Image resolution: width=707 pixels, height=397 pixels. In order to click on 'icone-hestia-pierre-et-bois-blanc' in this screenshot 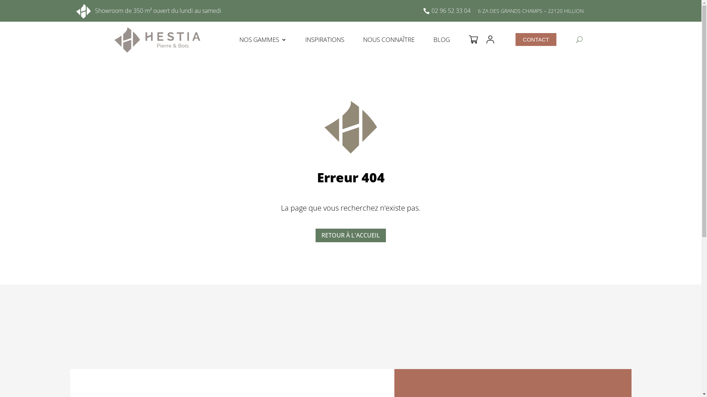, I will do `click(74, 11)`.